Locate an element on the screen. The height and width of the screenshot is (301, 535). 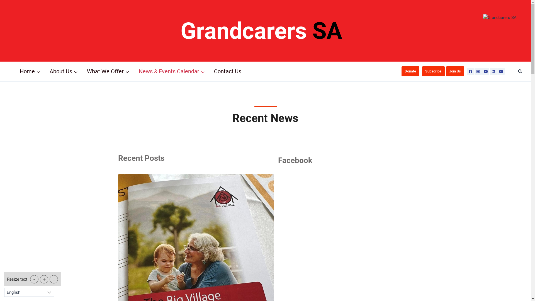
'What We Offer' is located at coordinates (108, 71).